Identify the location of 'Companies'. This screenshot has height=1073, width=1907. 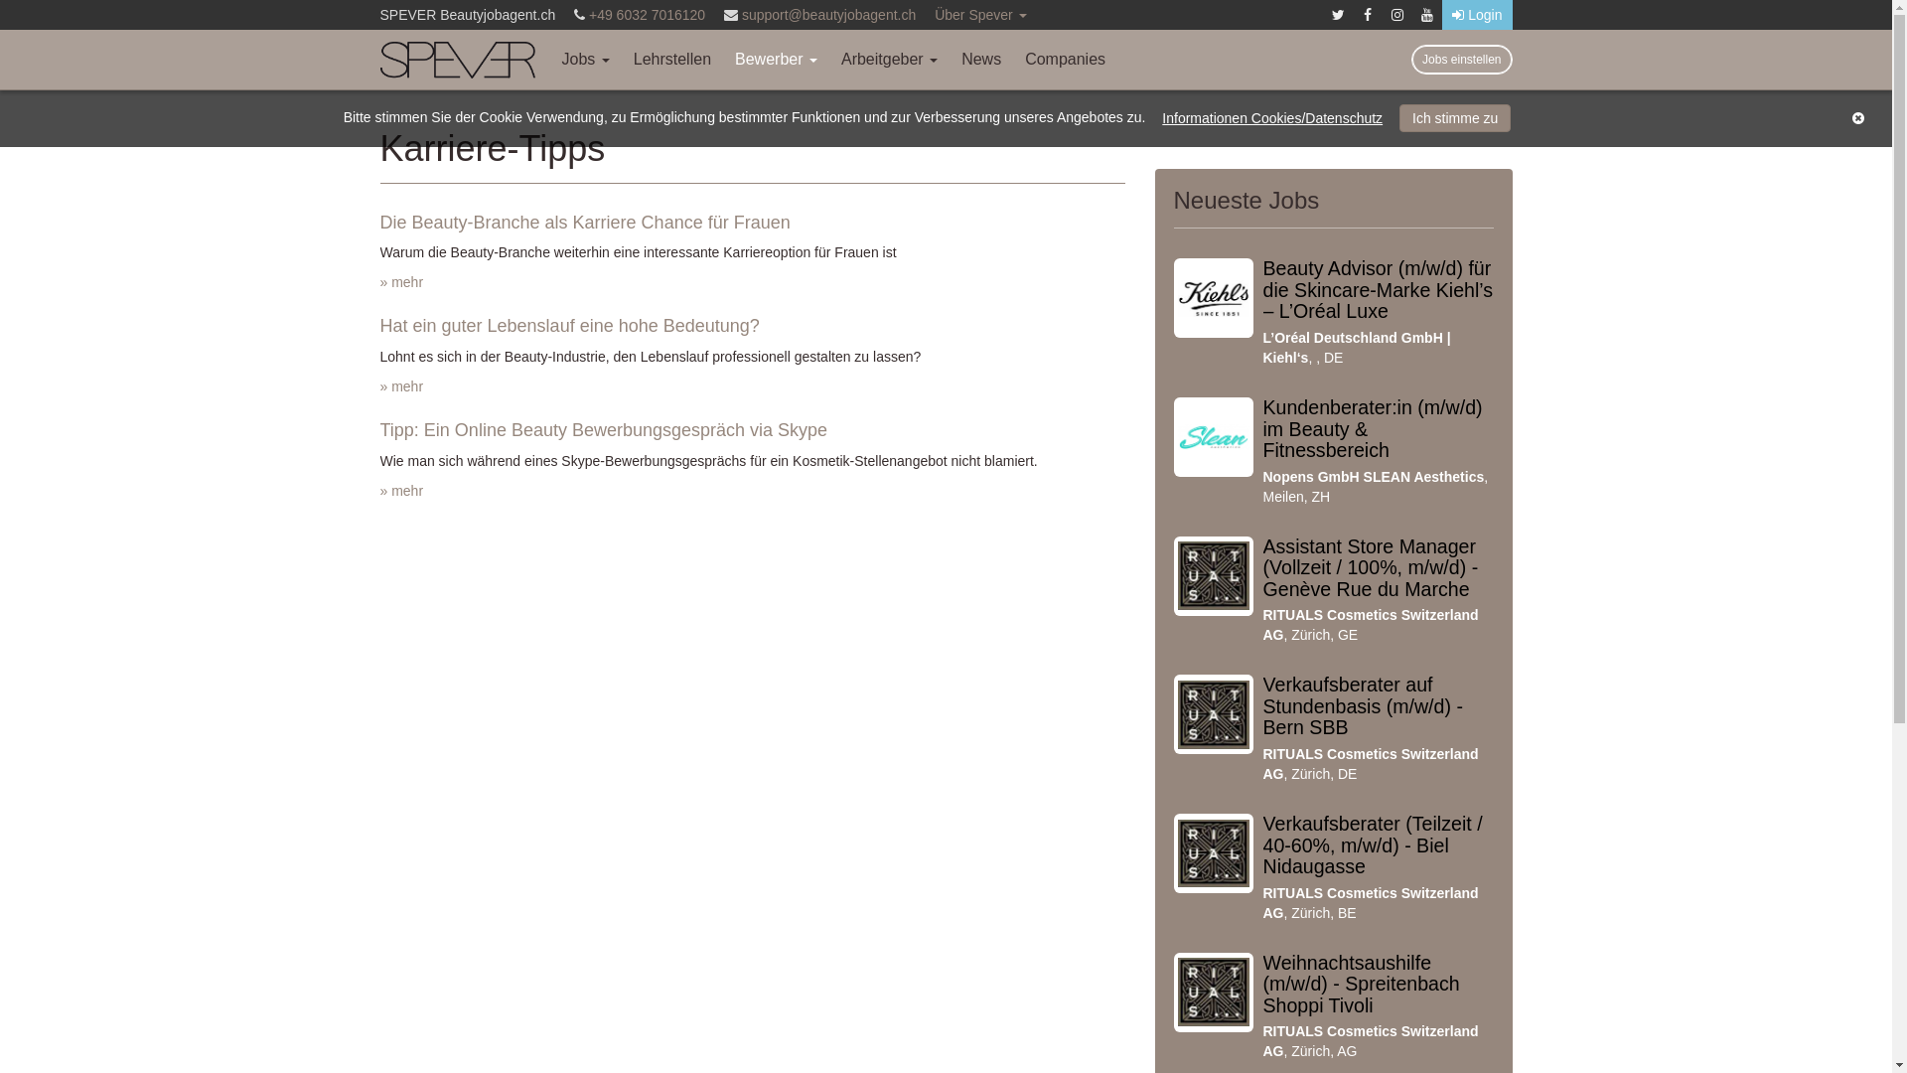
(1064, 59).